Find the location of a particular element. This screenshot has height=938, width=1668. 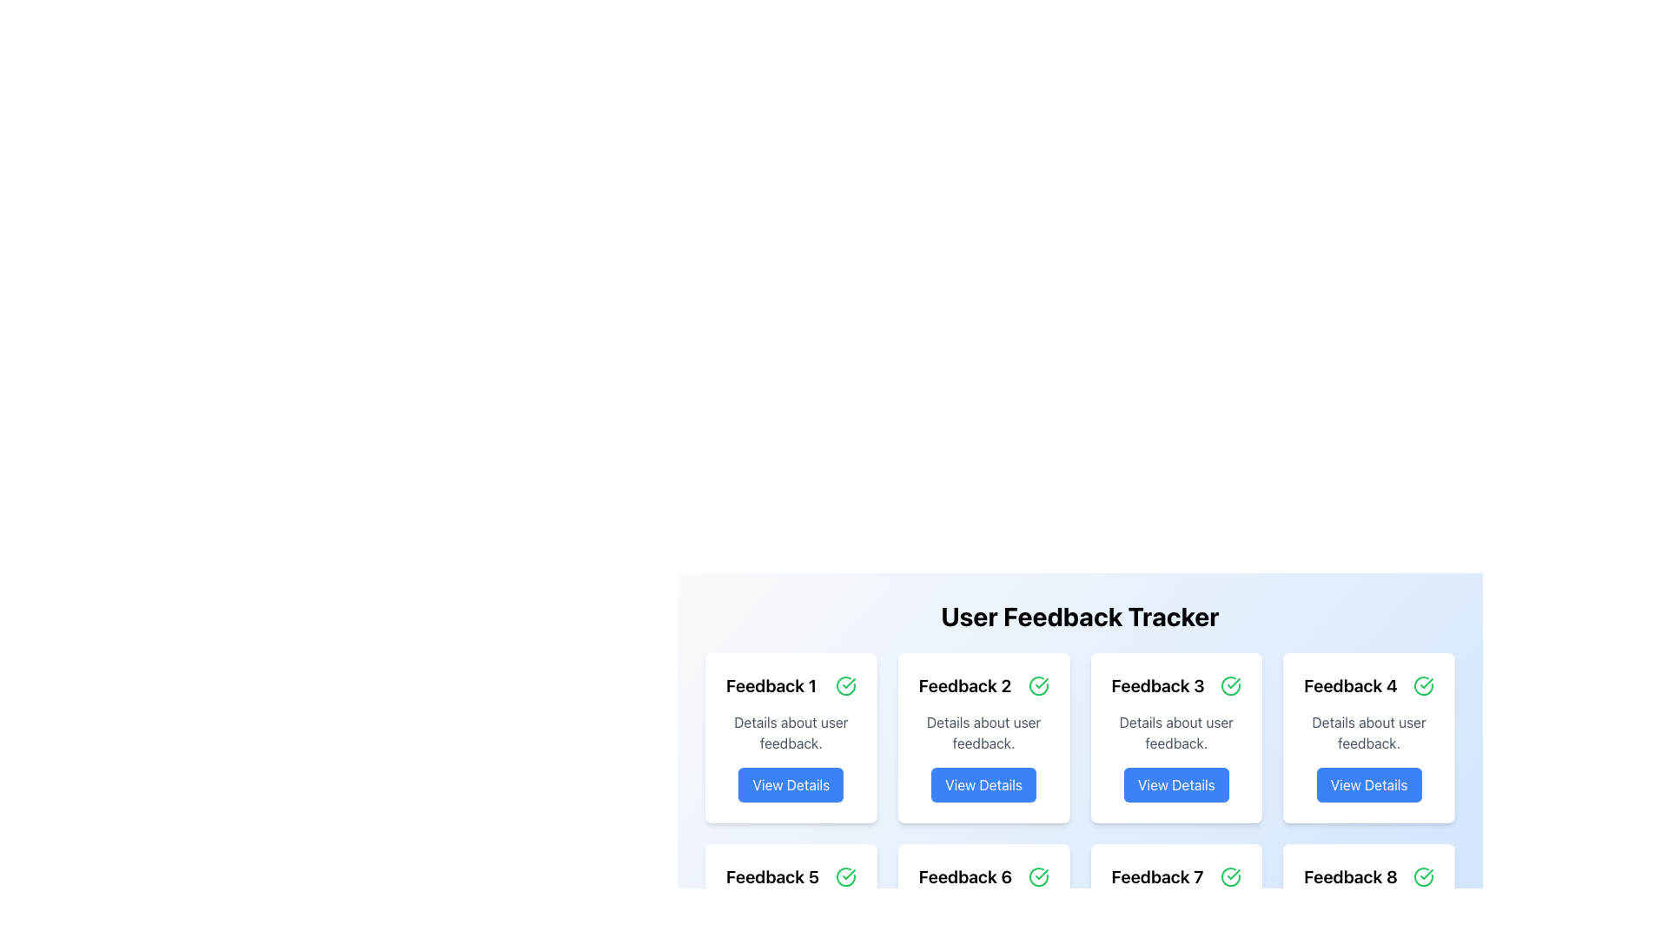

the Status indicator icon located in the 'Feedback 4' panel, which signifies completion, review, or approval of the associated feedback item is located at coordinates (1423, 685).